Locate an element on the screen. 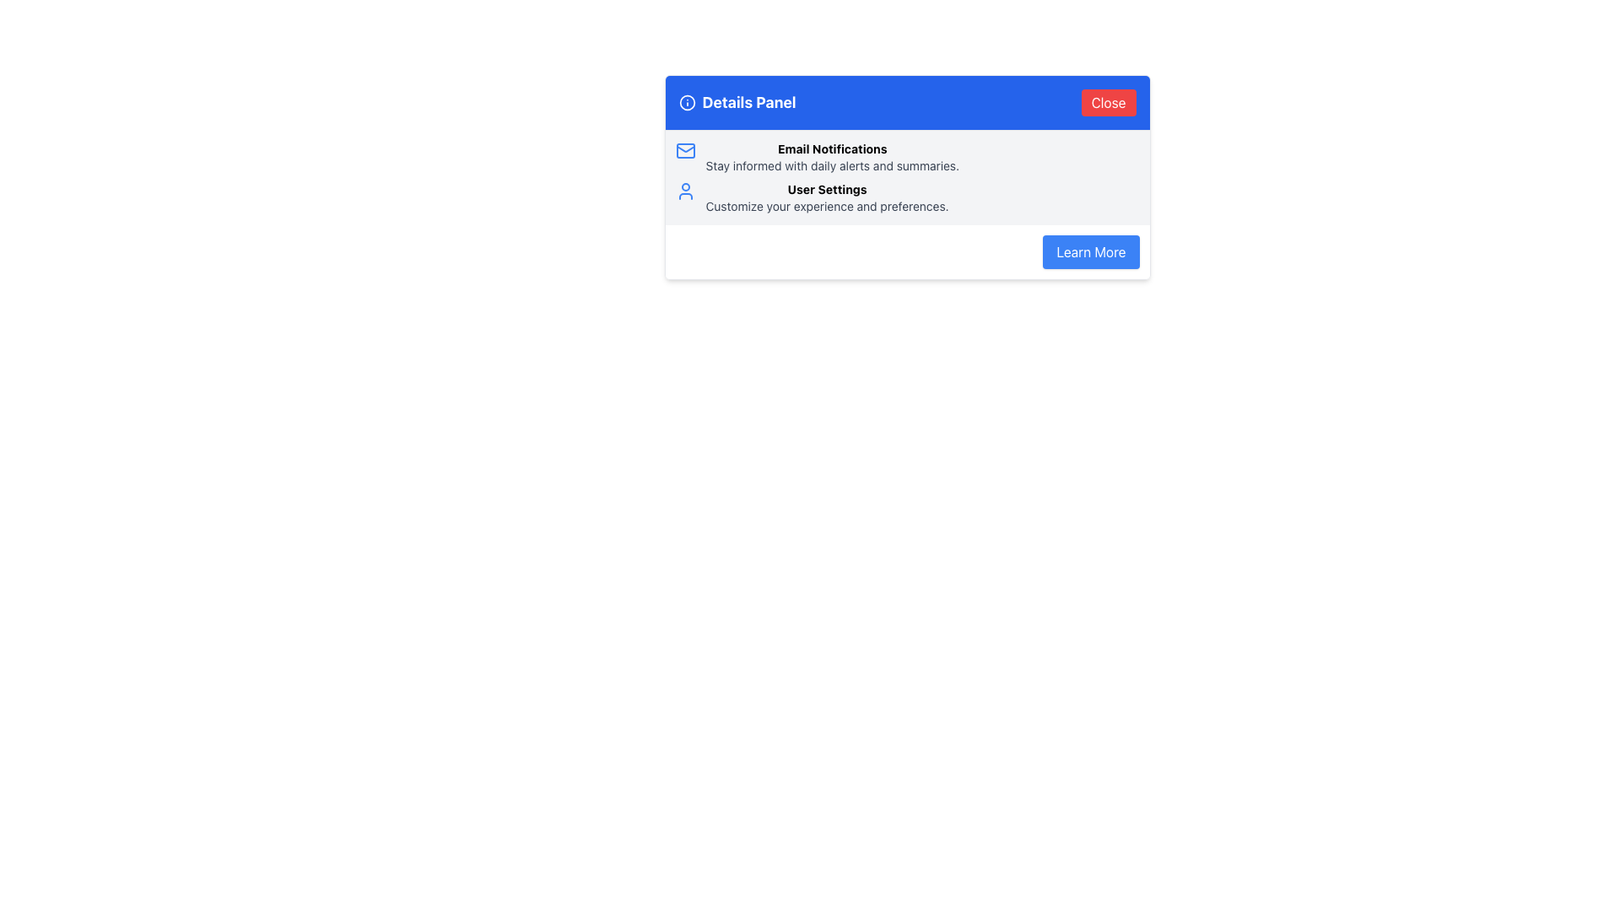 The width and height of the screenshot is (1620, 911). the Text Label that serves as a header for email notifications, located in the Details Panel under the blue header, to the right of the envelope icon is located at coordinates (832, 148).